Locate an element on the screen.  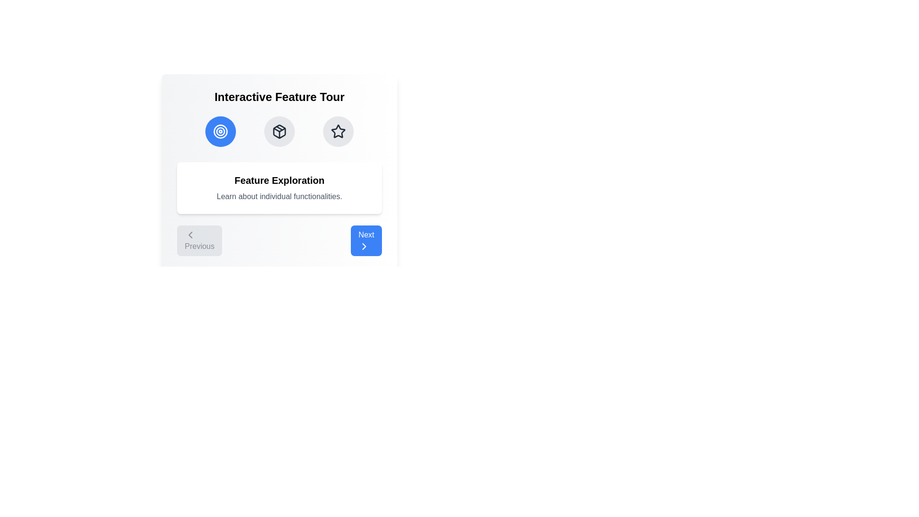
the first circular button on the left side of the group is located at coordinates (220, 131).